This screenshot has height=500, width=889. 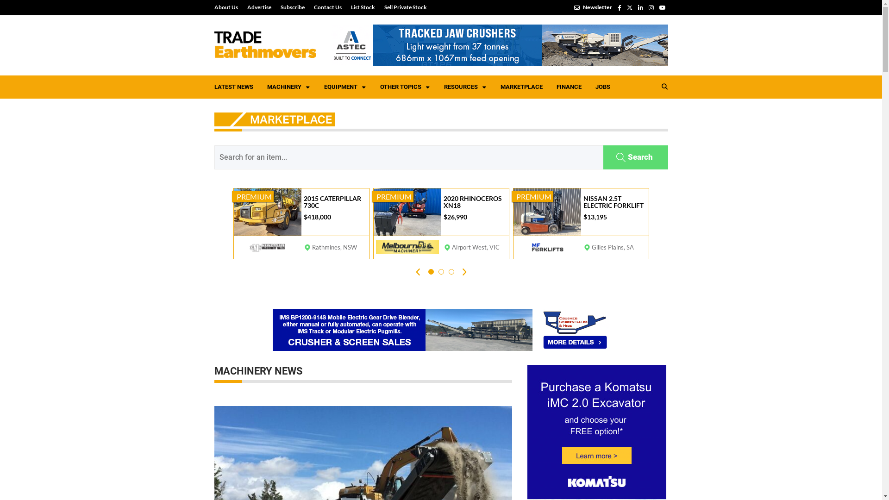 What do you see at coordinates (344, 87) in the screenshot?
I see `'EQUIPMENT'` at bounding box center [344, 87].